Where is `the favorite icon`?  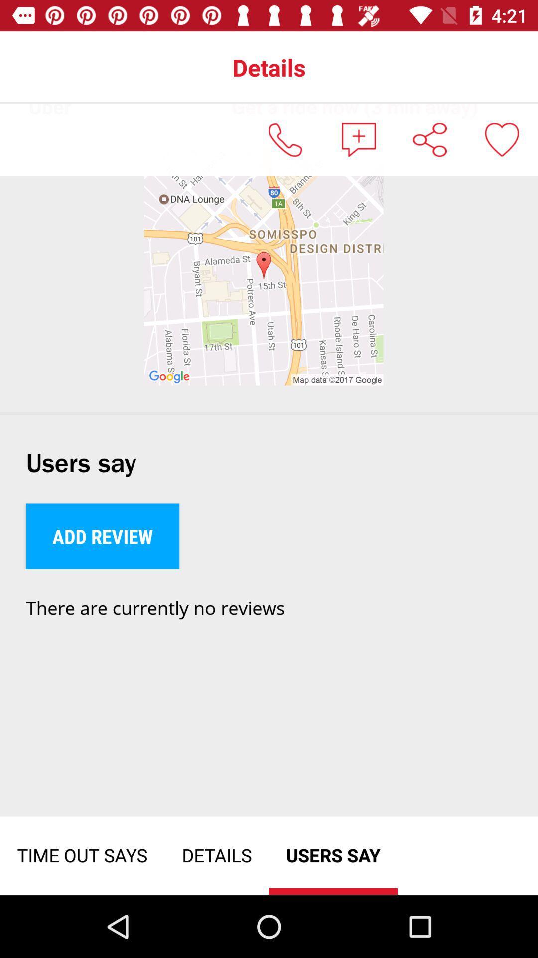
the favorite icon is located at coordinates (502, 139).